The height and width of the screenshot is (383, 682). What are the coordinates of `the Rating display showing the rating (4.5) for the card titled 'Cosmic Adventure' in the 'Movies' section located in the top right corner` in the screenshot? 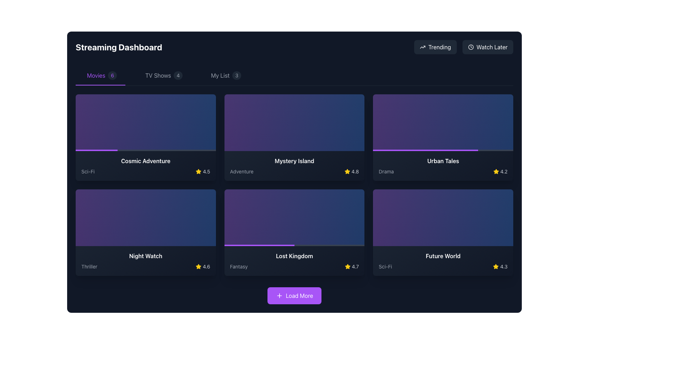 It's located at (202, 171).